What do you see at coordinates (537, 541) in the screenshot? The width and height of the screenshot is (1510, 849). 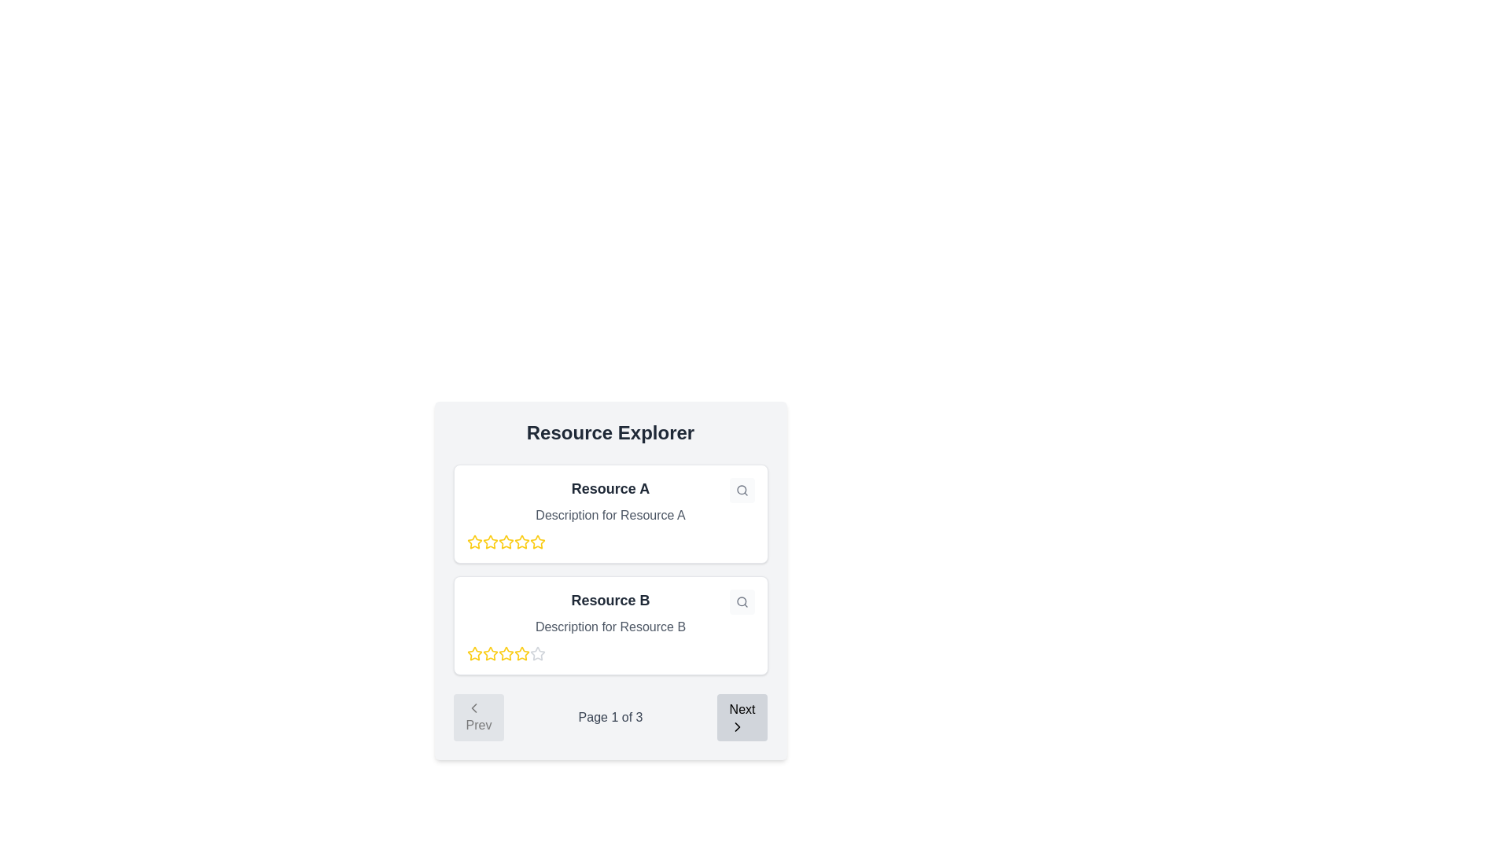 I see `the fourth yellow star in the star rating component located beneath the 'Resource A' section` at bounding box center [537, 541].